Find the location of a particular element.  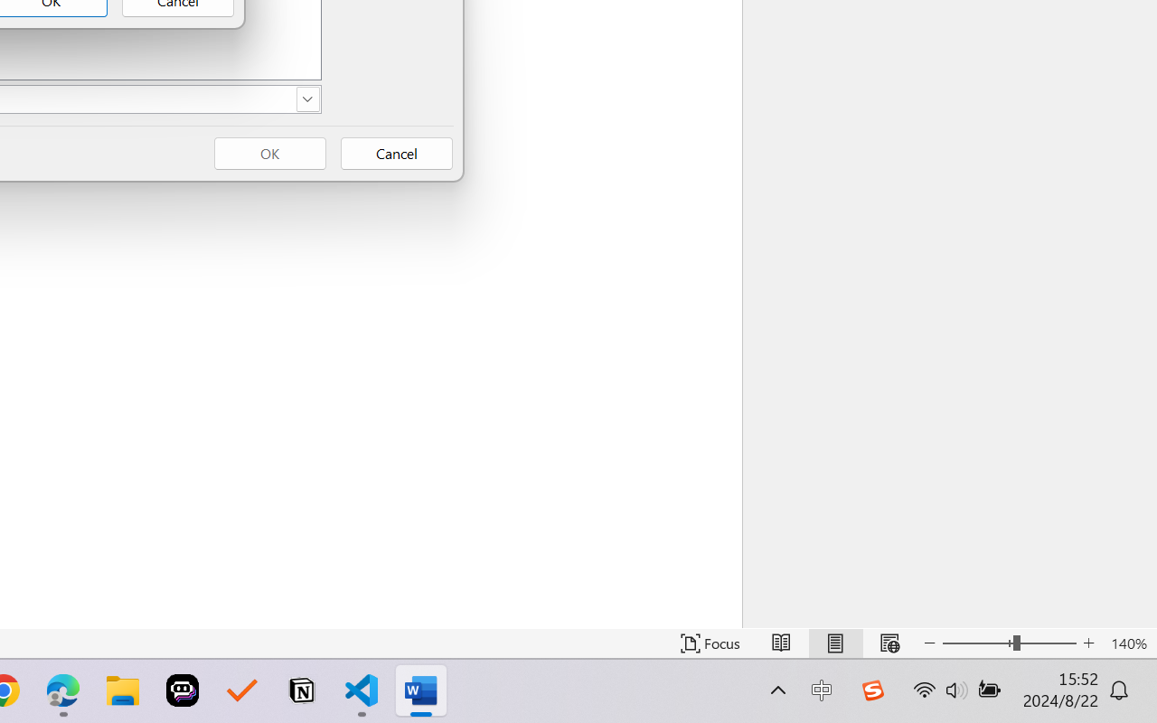

'Web Layout' is located at coordinates (889, 643).